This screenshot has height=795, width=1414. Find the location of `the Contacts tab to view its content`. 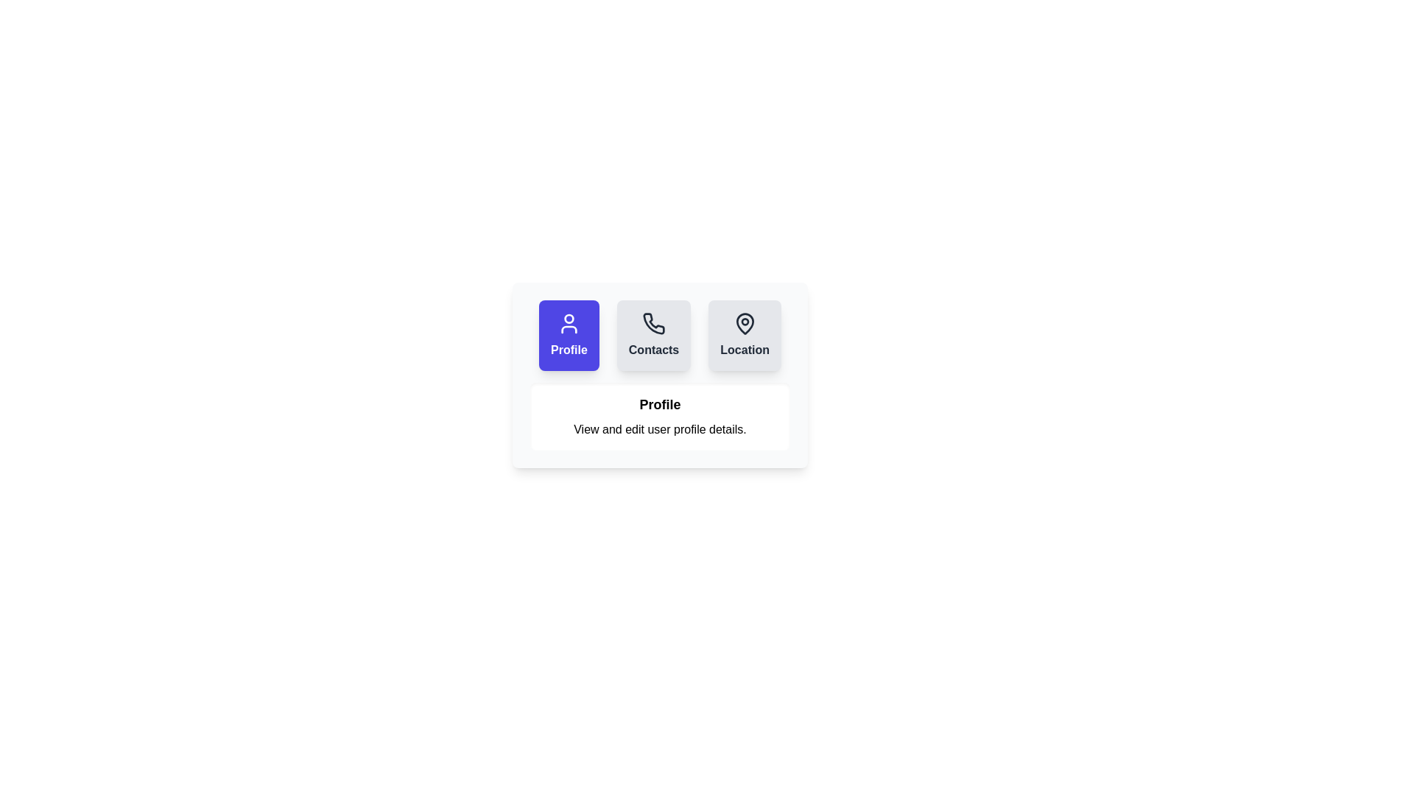

the Contacts tab to view its content is located at coordinates (653, 335).